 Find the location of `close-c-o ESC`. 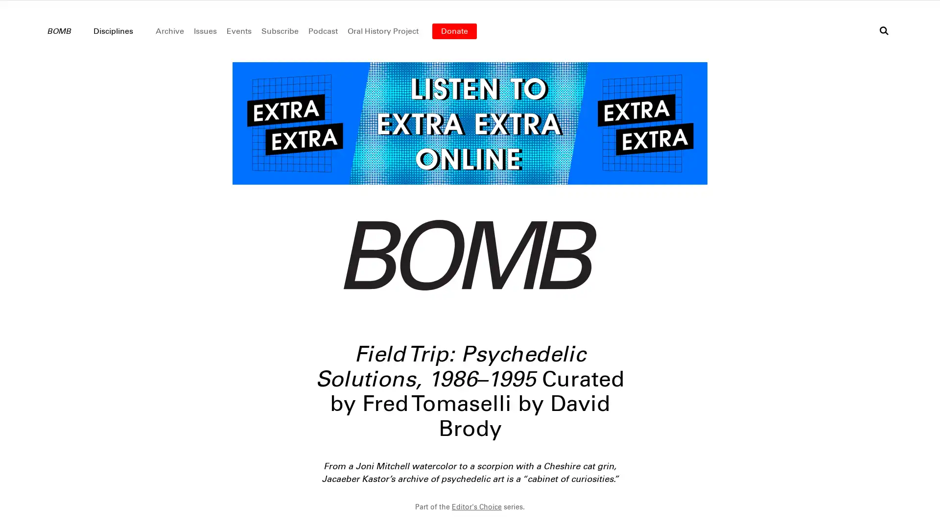

close-c-o ESC is located at coordinates (910, 505).